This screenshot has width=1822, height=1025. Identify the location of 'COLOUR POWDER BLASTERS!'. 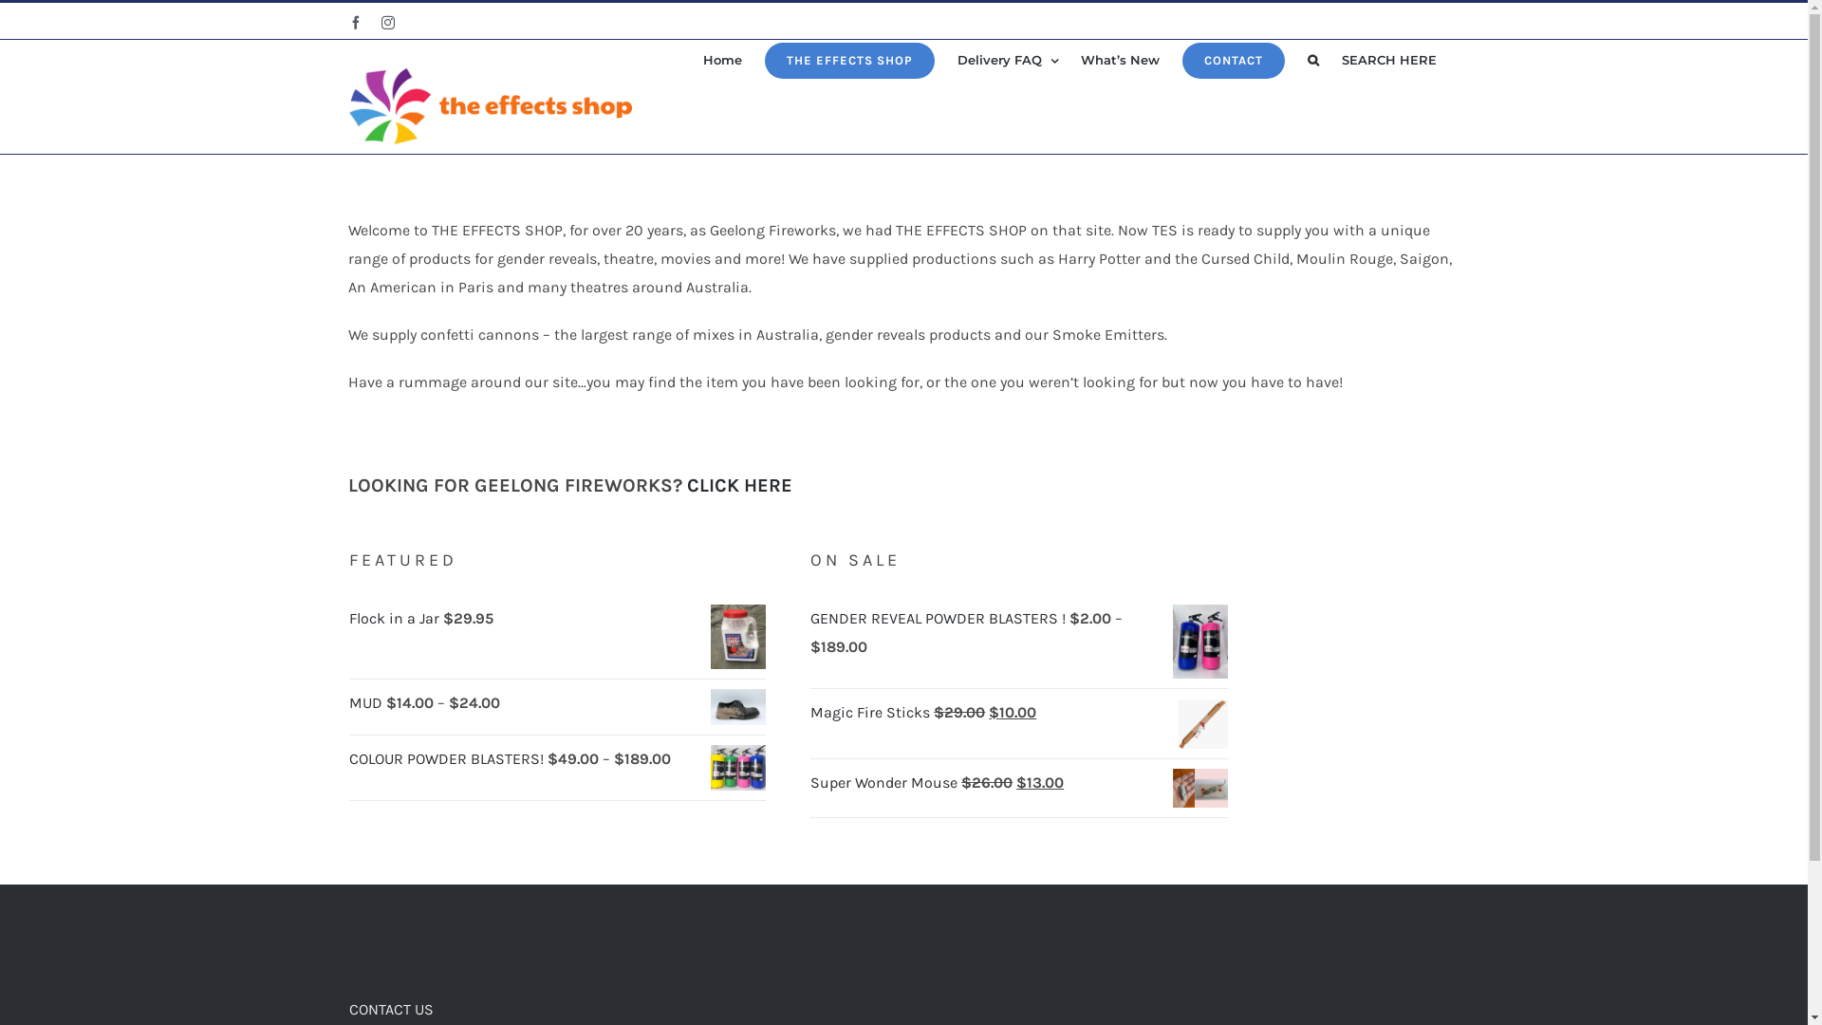
(447, 757).